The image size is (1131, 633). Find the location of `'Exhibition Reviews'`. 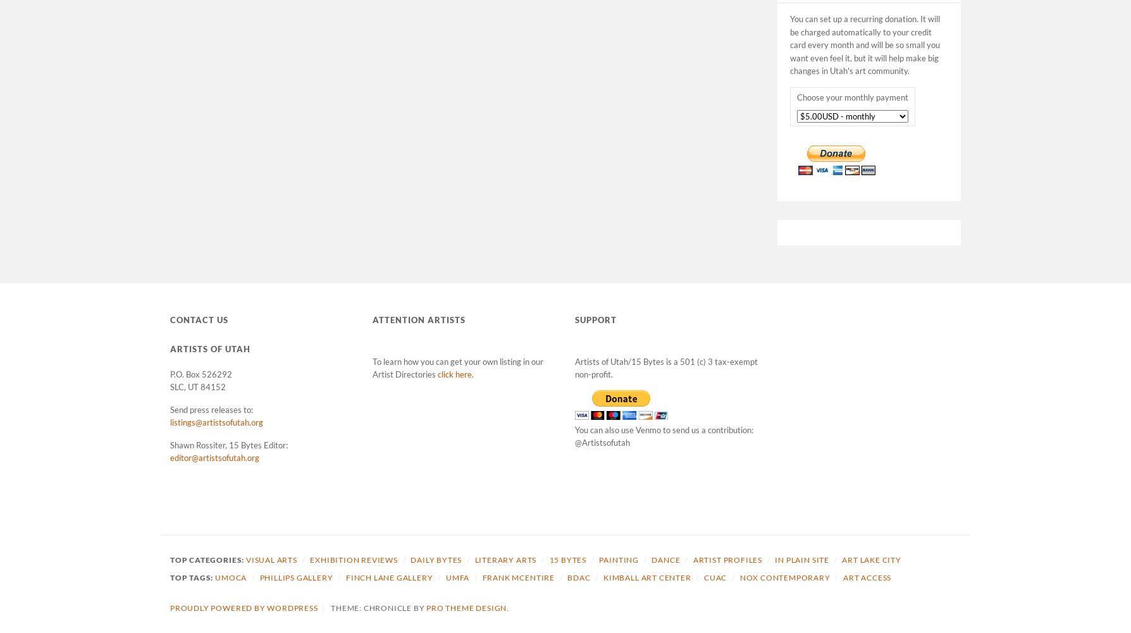

'Exhibition Reviews' is located at coordinates (353, 560).